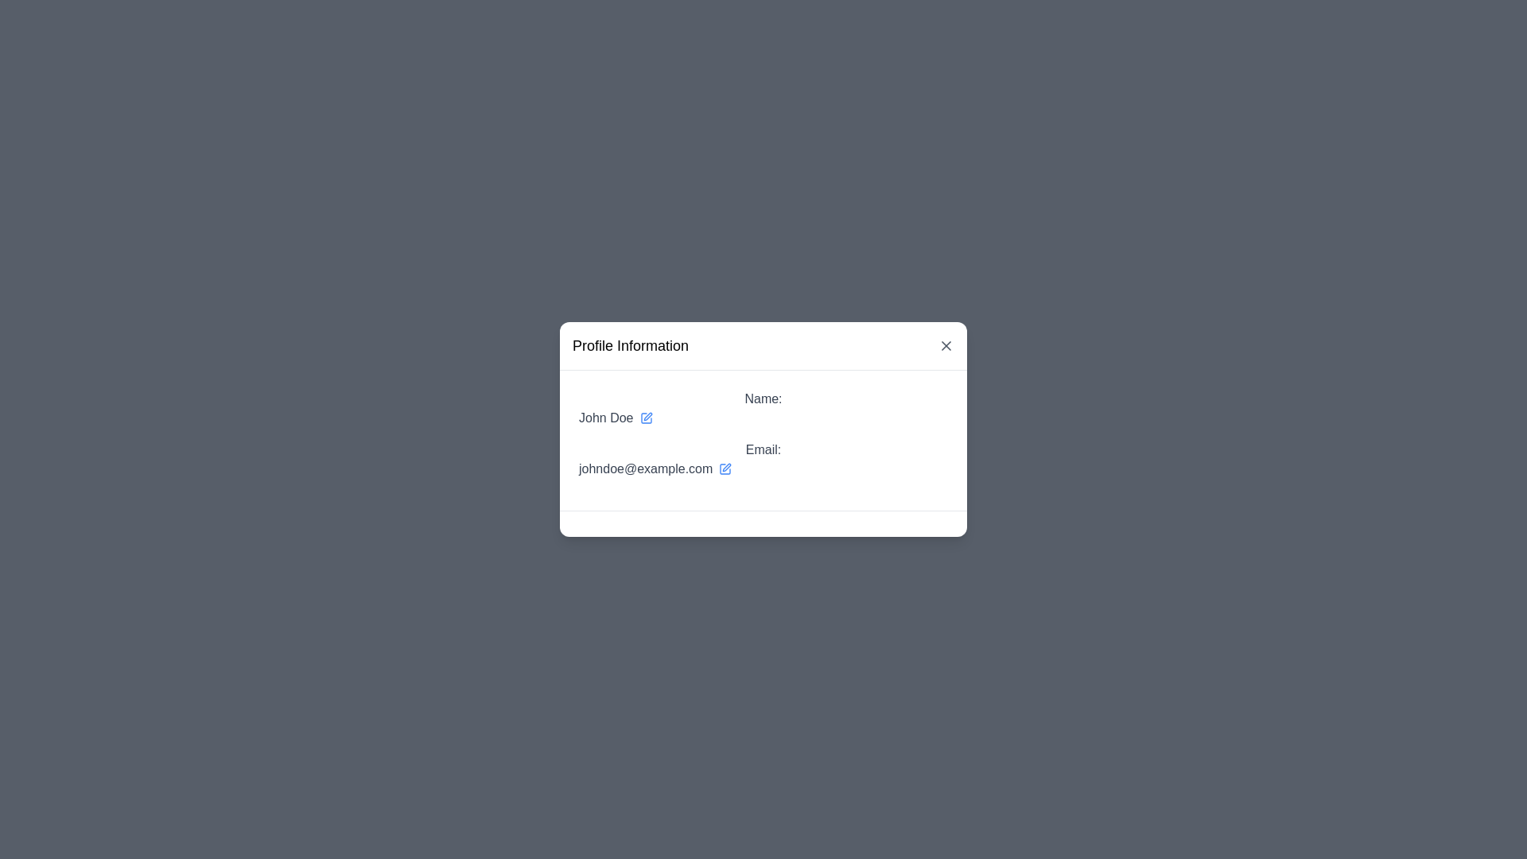 The image size is (1527, 859). Describe the element at coordinates (946, 345) in the screenshot. I see `the 'X' icon button in the top-right corner of the 'Profile Information' dialog to observe the hover effect` at that location.